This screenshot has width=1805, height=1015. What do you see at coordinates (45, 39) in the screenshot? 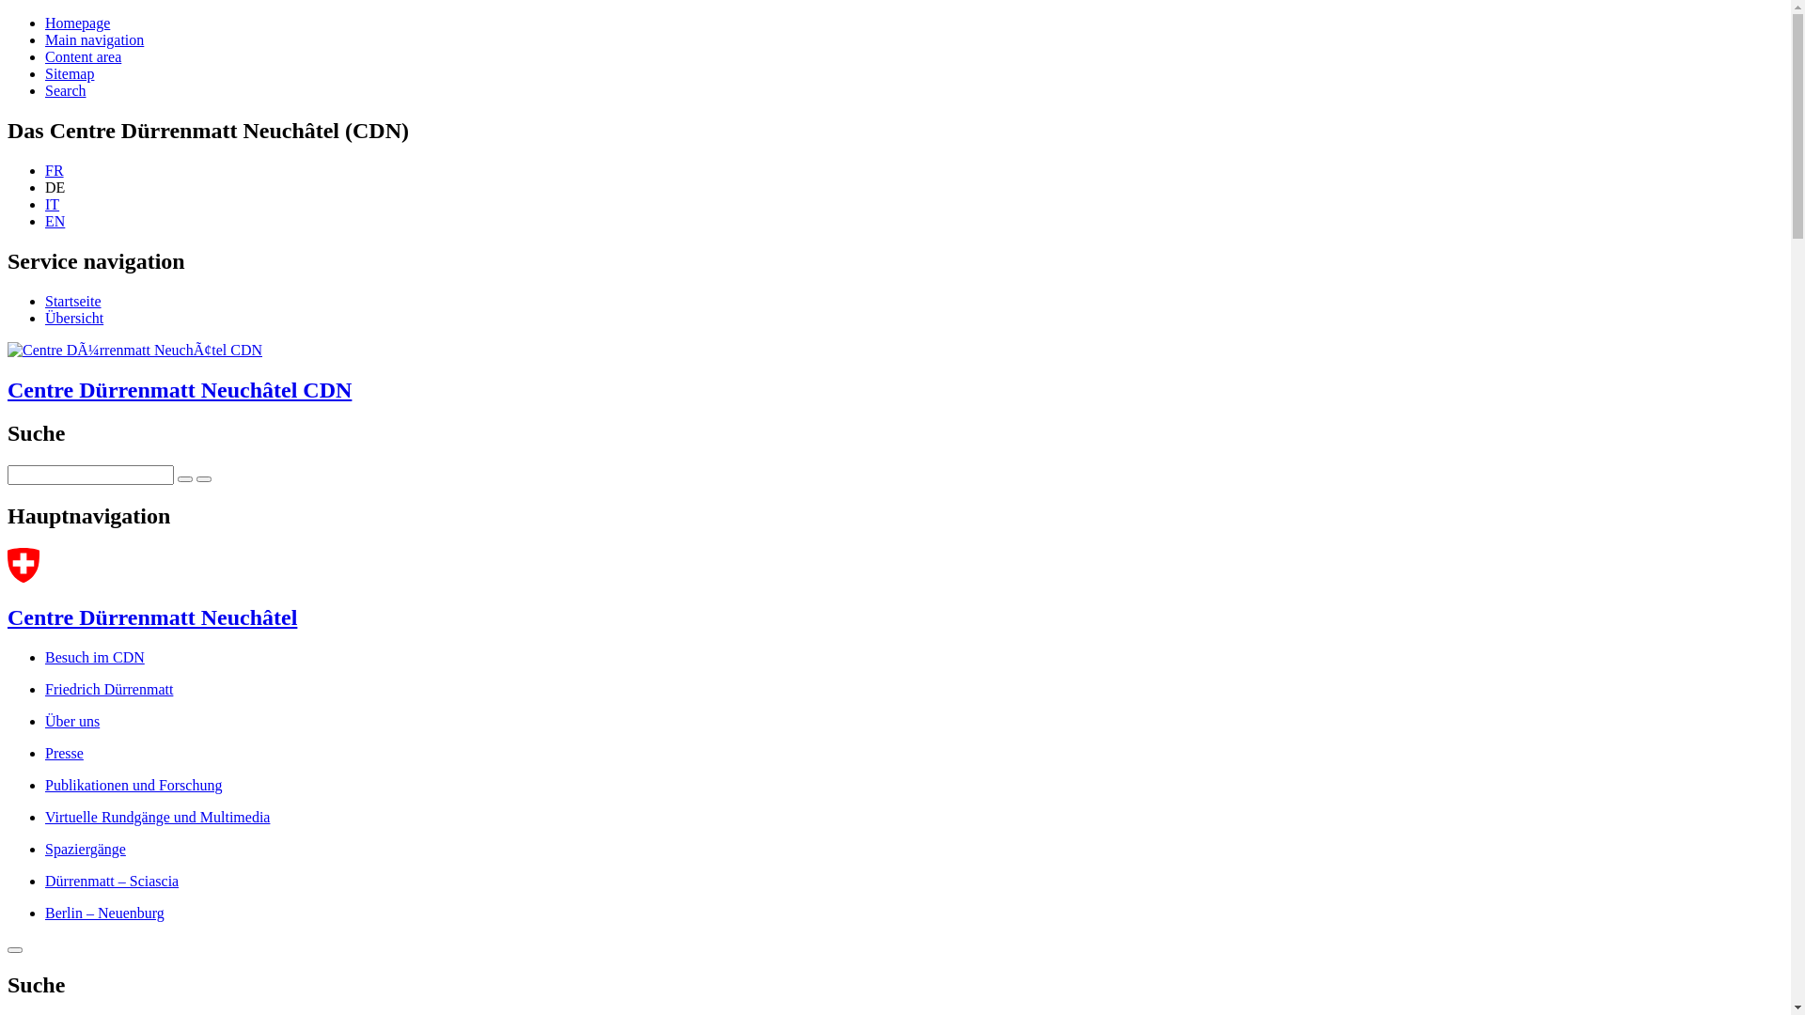
I see `'Main navigation'` at bounding box center [45, 39].